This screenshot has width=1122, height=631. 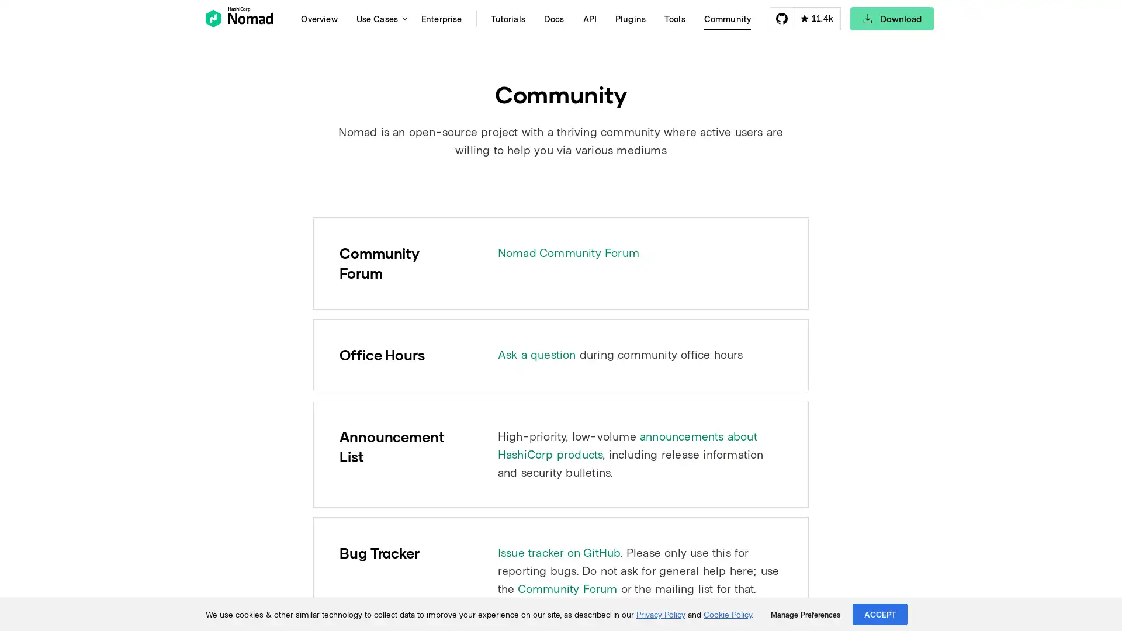 What do you see at coordinates (379, 18) in the screenshot?
I see `Use Cases` at bounding box center [379, 18].